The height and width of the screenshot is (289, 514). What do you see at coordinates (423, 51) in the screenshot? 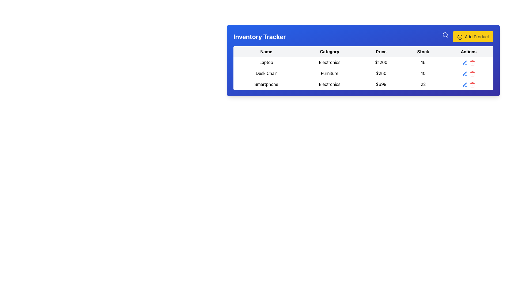
I see `the text label displaying 'Stock', which is the fourth header in a table row, located between 'Price' and 'Actions'` at bounding box center [423, 51].